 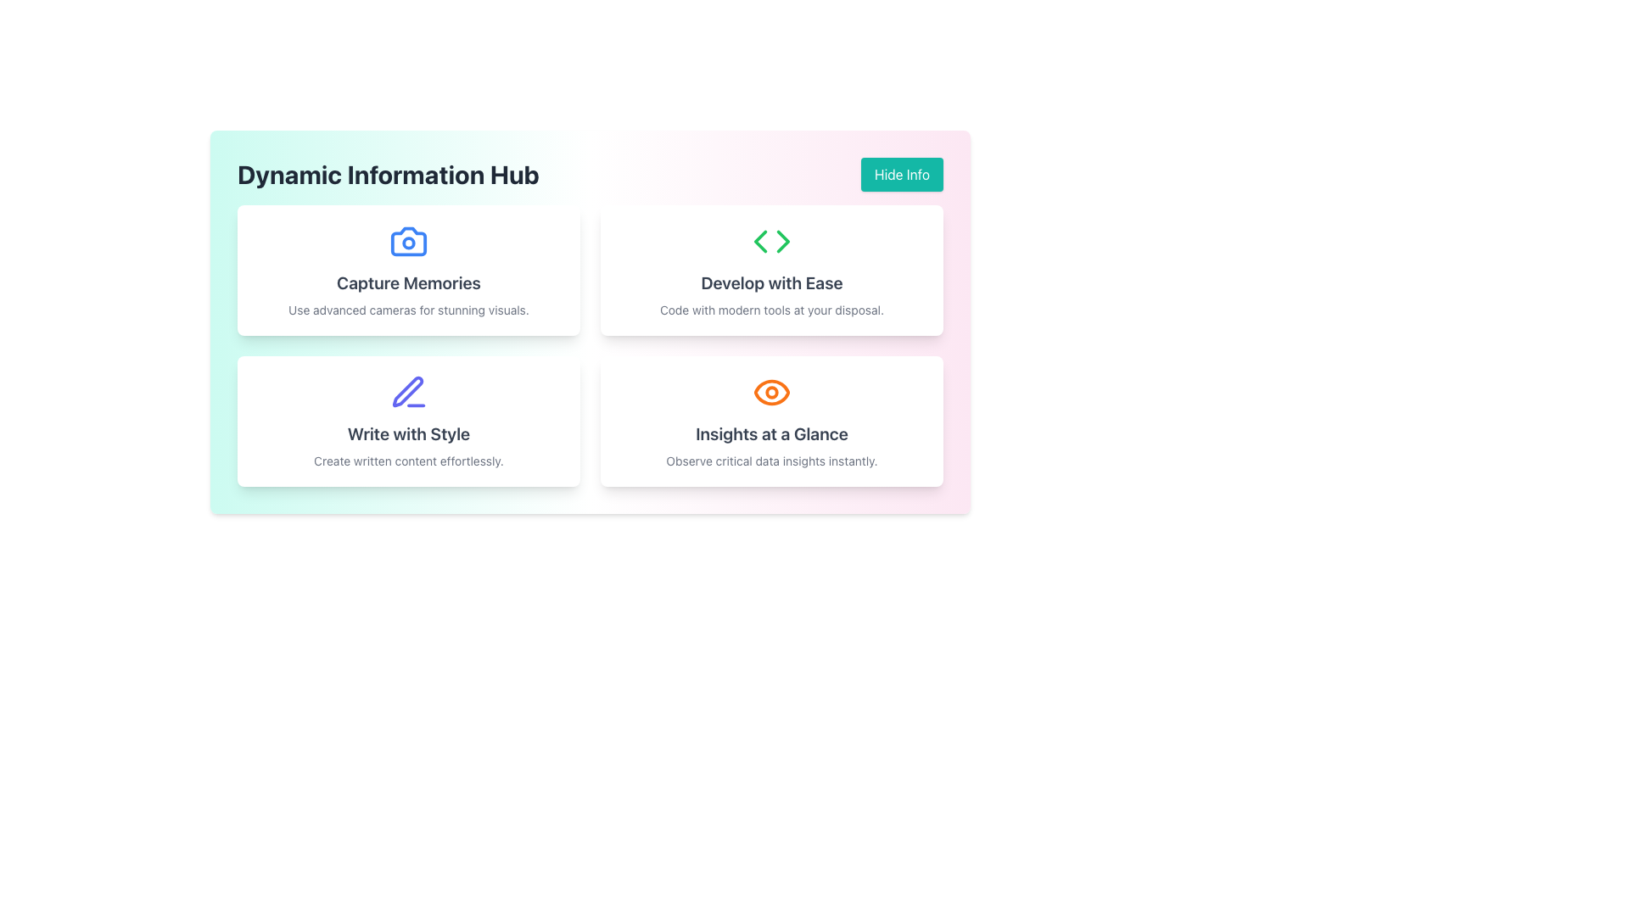 I want to click on the pen-shaped icon outlined with a blue stroke within the 'Write with Style' section of the interface, so click(x=407, y=392).